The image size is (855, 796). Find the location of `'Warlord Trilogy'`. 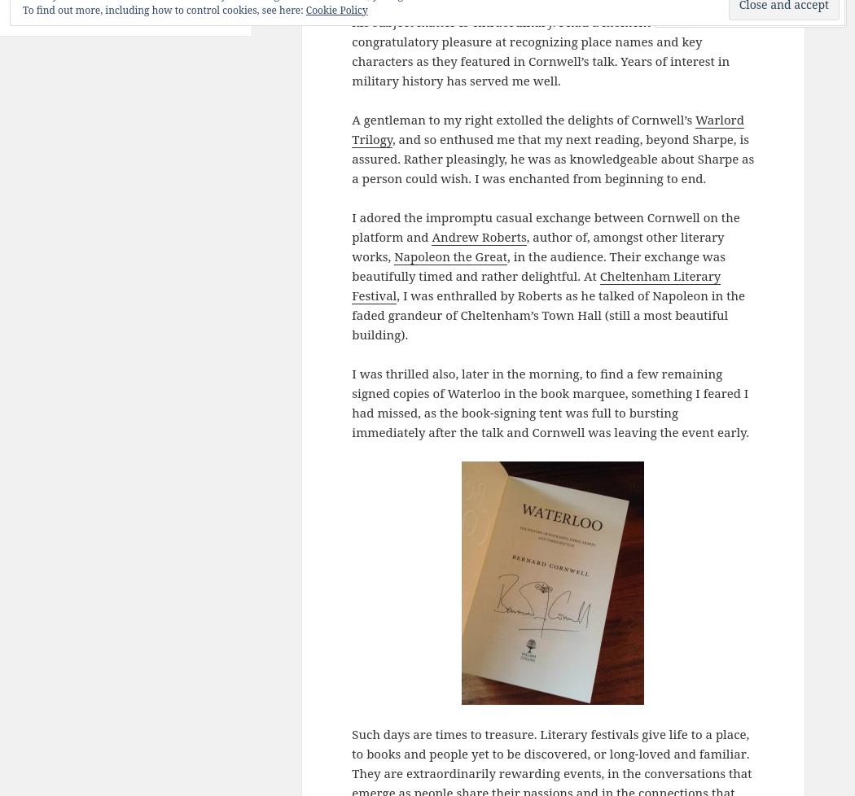

'Warlord Trilogy' is located at coordinates (546, 129).